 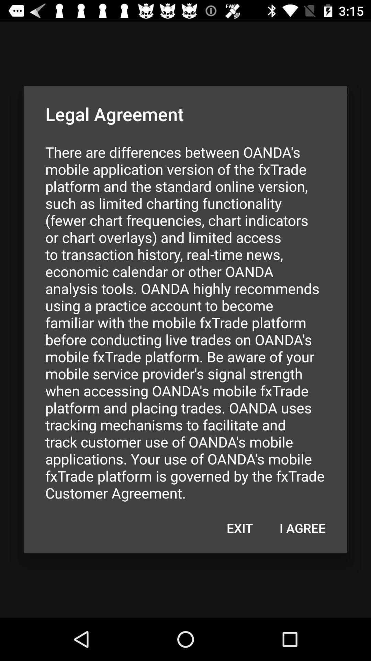 What do you see at coordinates (302, 527) in the screenshot?
I see `item below the there are differences` at bounding box center [302, 527].